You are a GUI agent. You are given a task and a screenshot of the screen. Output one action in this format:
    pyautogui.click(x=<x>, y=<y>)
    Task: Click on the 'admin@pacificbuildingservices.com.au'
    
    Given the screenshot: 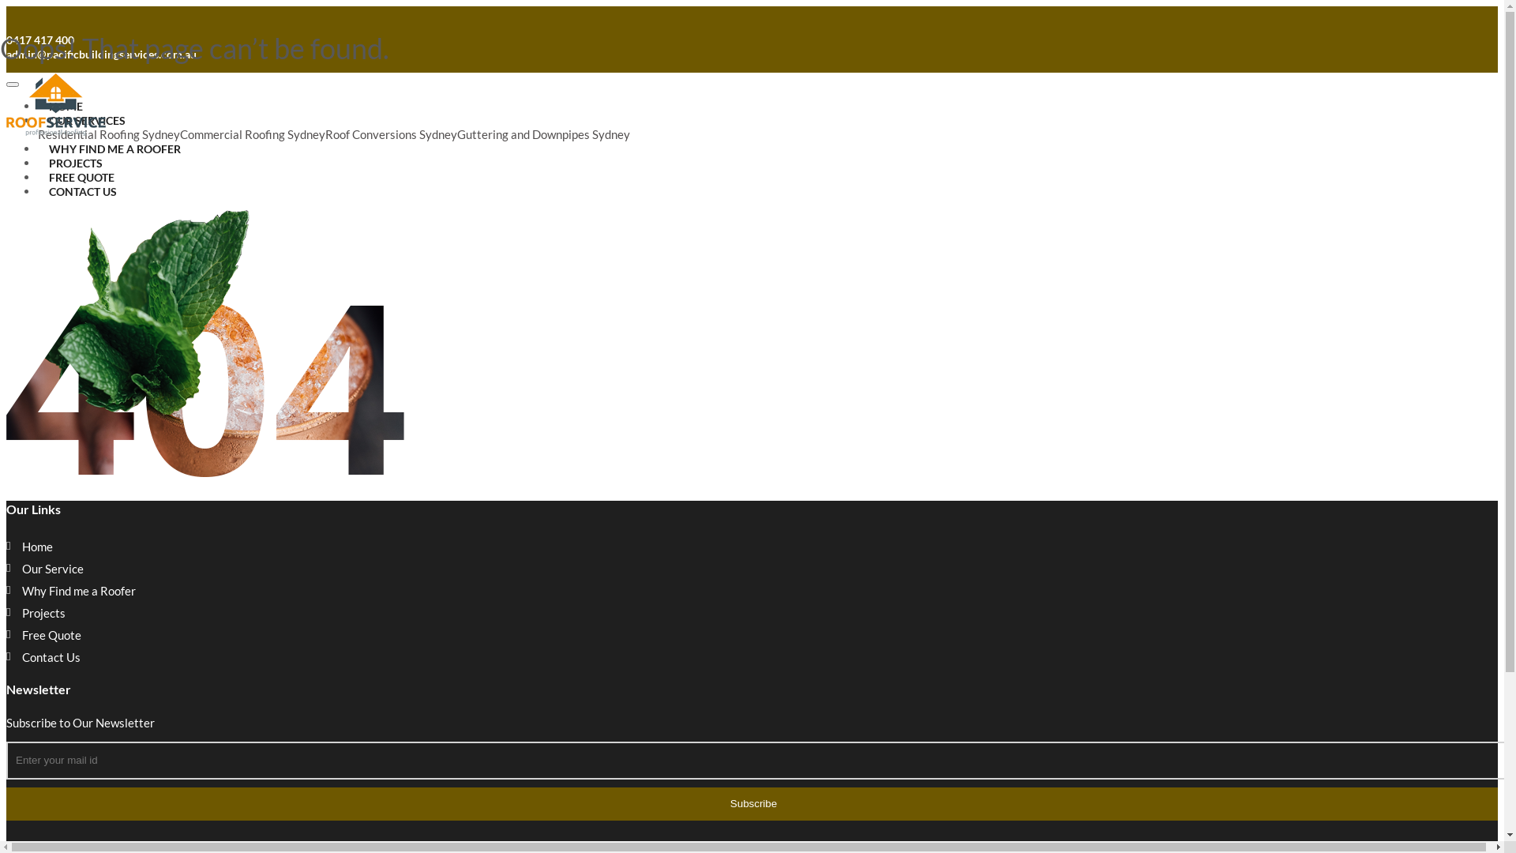 What is the action you would take?
    pyautogui.click(x=100, y=53)
    